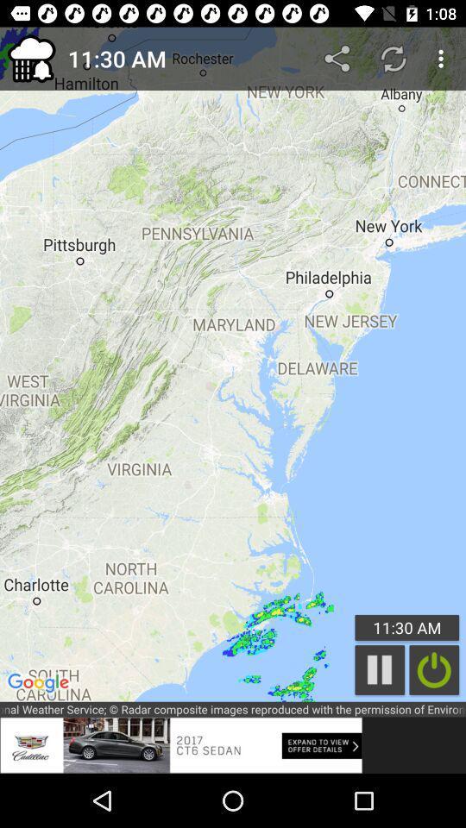 The image size is (466, 828). Describe the element at coordinates (180, 744) in the screenshot. I see `the advertisement` at that location.